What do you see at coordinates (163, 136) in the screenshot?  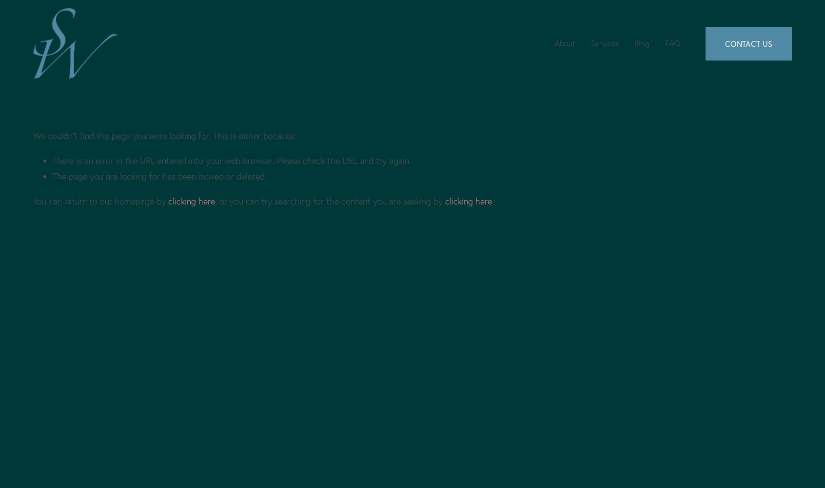 I see `'We couldn't find the page you were looking for. This is either because:'` at bounding box center [163, 136].